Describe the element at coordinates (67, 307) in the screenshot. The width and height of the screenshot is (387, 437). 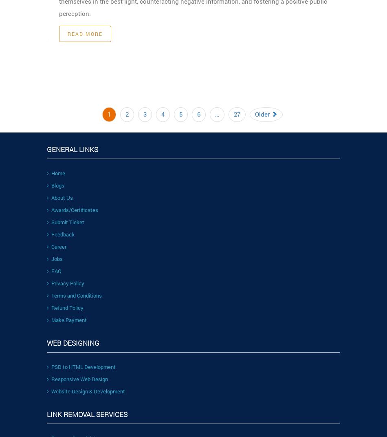
I see `'Refund Policy'` at that location.